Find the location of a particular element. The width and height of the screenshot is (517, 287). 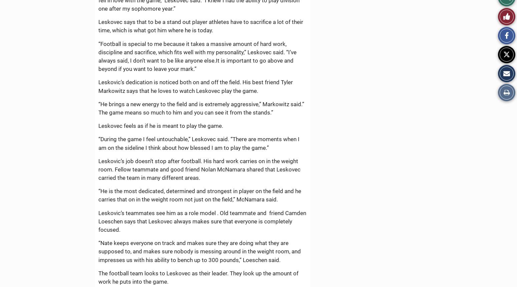

'Leskovec says that to be a stand out player athletes have to sacrifice a lot of their time, which is what got him where he is today.' is located at coordinates (201, 26).